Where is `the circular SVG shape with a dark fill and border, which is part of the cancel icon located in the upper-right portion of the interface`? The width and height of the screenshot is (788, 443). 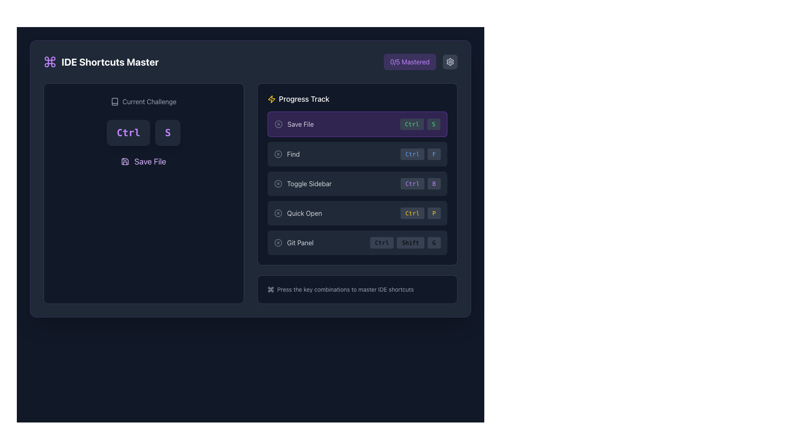
the circular SVG shape with a dark fill and border, which is part of the cancel icon located in the upper-right portion of the interface is located at coordinates (278, 242).